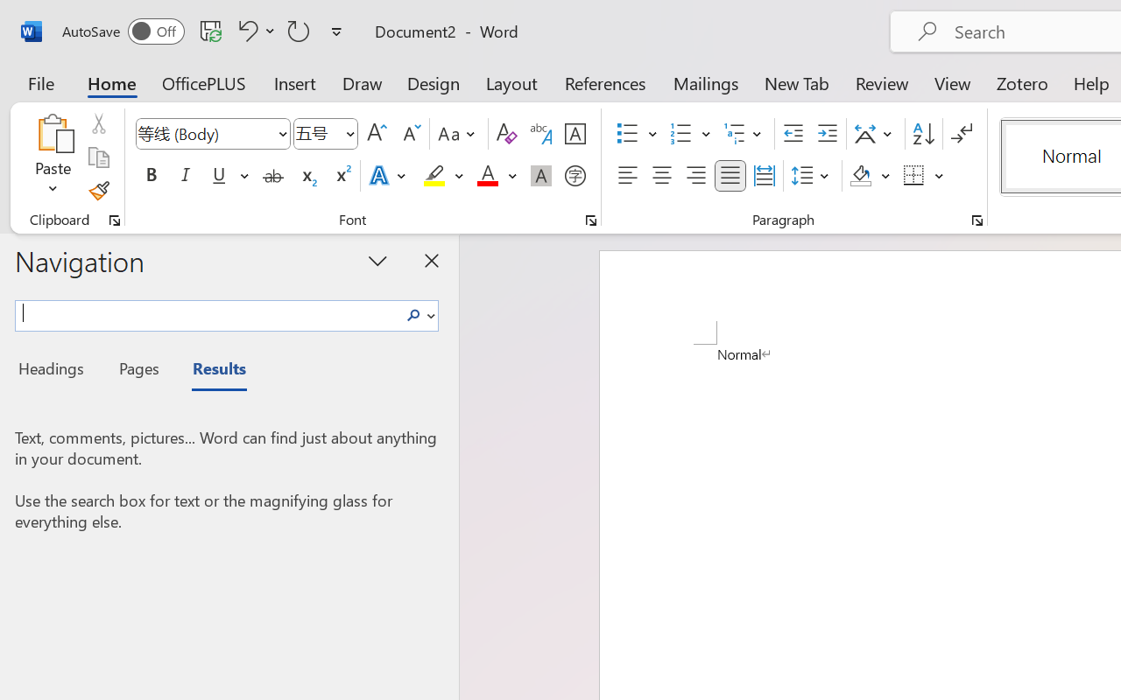 The width and height of the screenshot is (1121, 700). Describe the element at coordinates (336, 31) in the screenshot. I see `'Customize Quick Access Toolbar'` at that location.